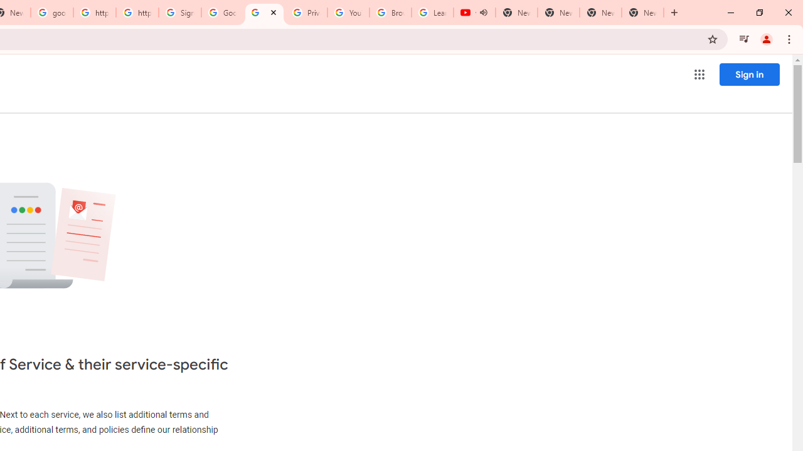 This screenshot has width=803, height=451. What do you see at coordinates (94, 13) in the screenshot?
I see `'https://scholar.google.com/'` at bounding box center [94, 13].